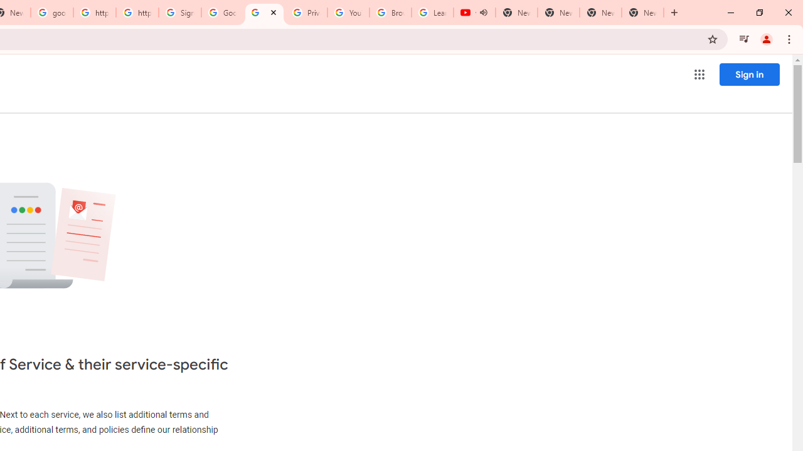 This screenshot has width=803, height=451. What do you see at coordinates (94, 13) in the screenshot?
I see `'https://scholar.google.com/'` at bounding box center [94, 13].